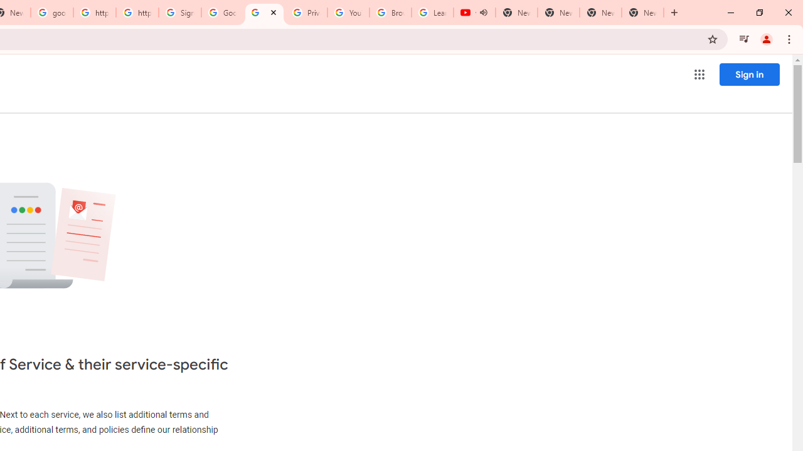 This screenshot has width=803, height=451. What do you see at coordinates (94, 13) in the screenshot?
I see `'https://scholar.google.com/'` at bounding box center [94, 13].